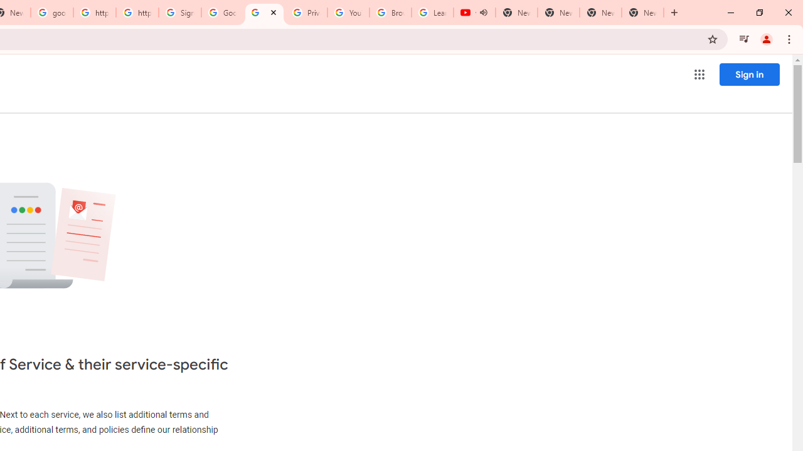 This screenshot has width=803, height=451. What do you see at coordinates (94, 13) in the screenshot?
I see `'https://scholar.google.com/'` at bounding box center [94, 13].